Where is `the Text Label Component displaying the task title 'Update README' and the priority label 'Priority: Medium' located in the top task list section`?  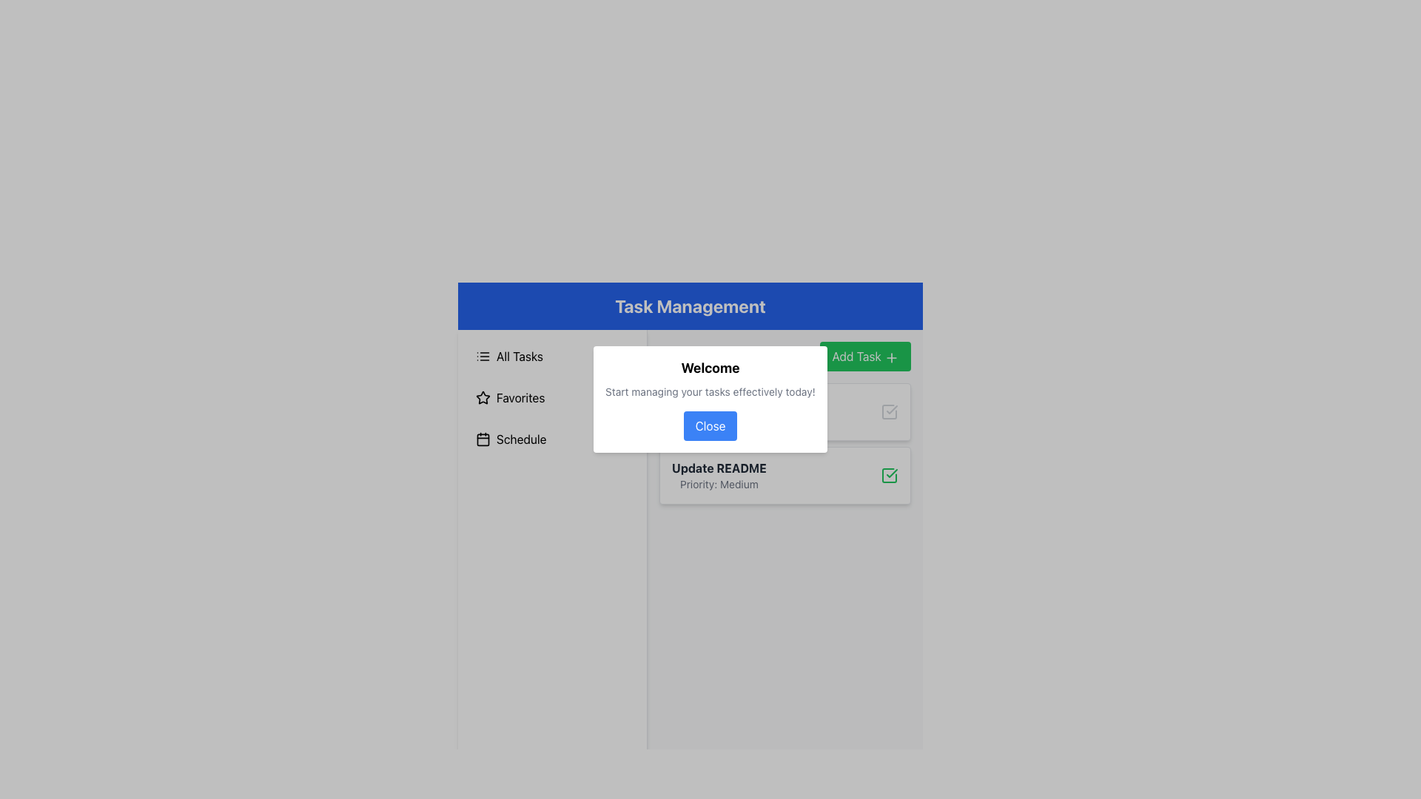
the Text Label Component displaying the task title 'Update README' and the priority label 'Priority: Medium' located in the top task list section is located at coordinates (719, 476).